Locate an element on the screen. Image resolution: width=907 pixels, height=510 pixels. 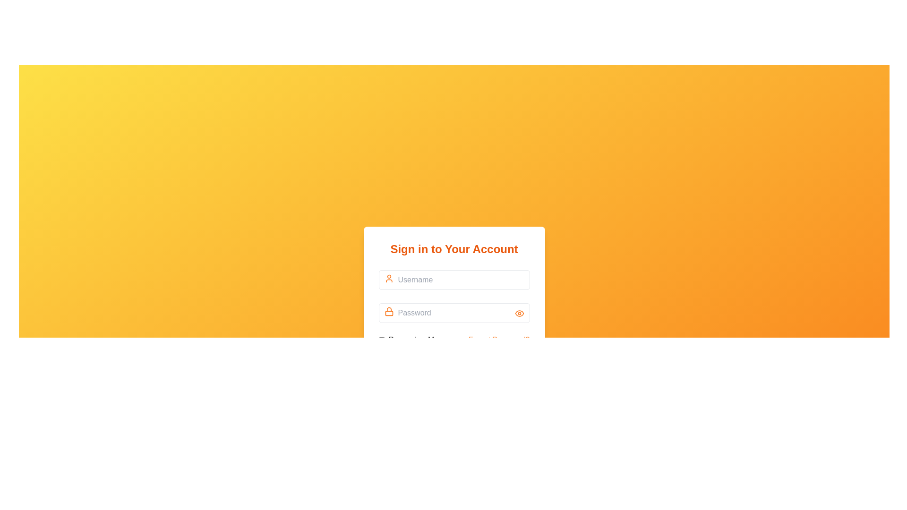
the toggle visibility button located at the top-right corner of the password input field is located at coordinates (519, 313).